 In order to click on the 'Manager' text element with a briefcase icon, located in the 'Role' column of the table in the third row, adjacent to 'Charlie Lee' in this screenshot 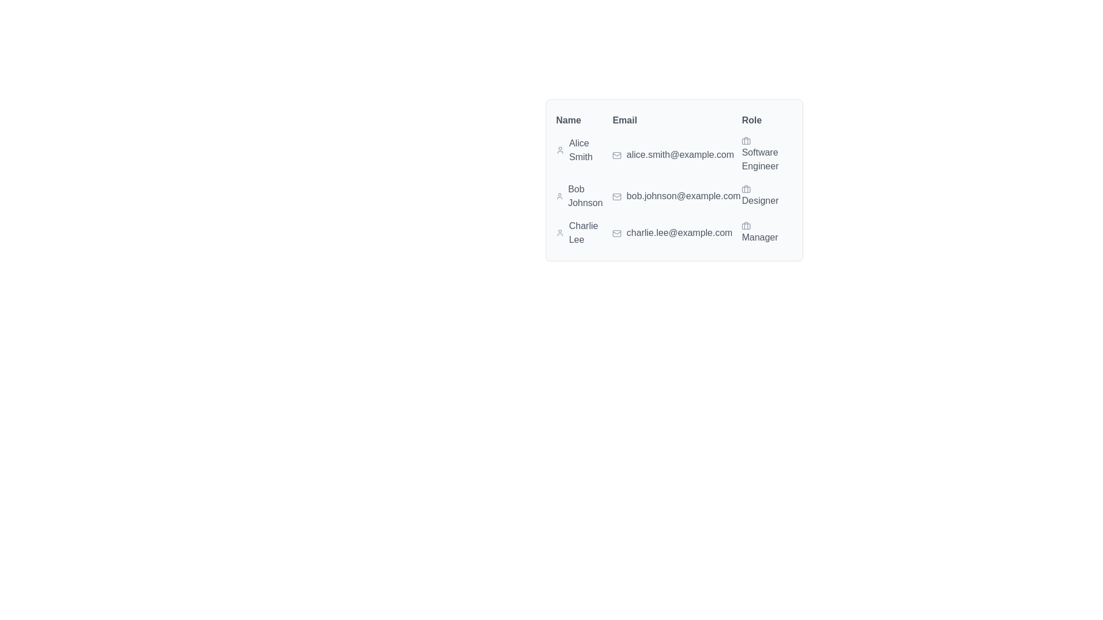, I will do `click(767, 232)`.